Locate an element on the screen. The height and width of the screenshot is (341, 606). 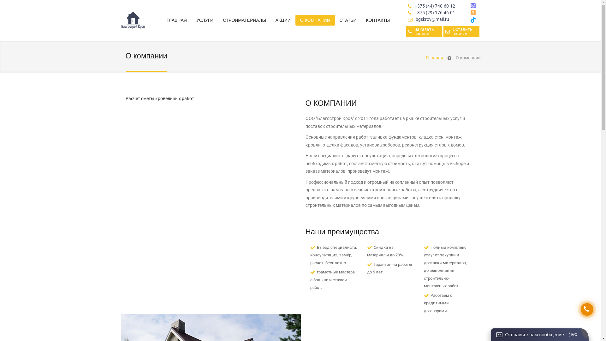
'+375 (44) 740-60-12' is located at coordinates (415, 6).